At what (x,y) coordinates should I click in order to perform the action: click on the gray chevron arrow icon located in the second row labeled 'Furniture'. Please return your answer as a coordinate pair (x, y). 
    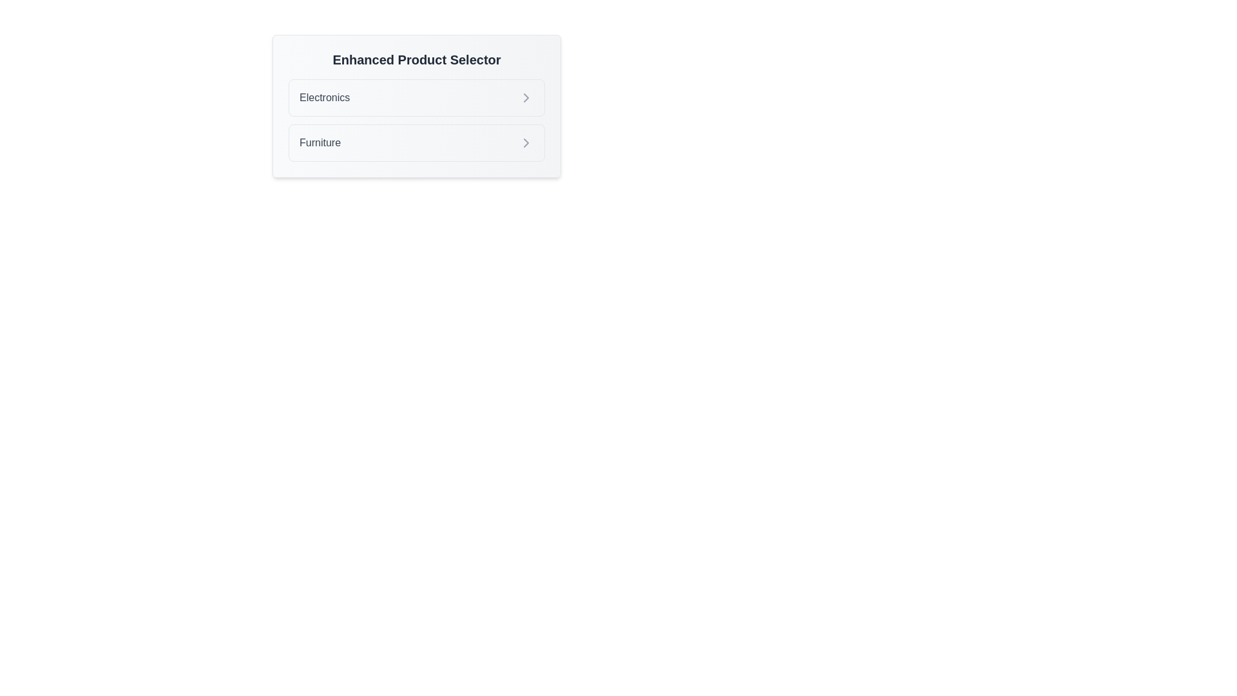
    Looking at the image, I should click on (526, 143).